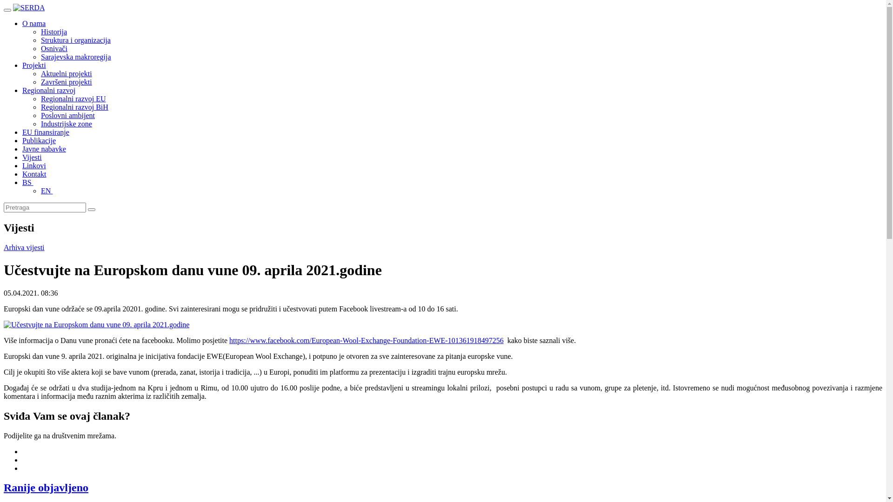  Describe the element at coordinates (22, 140) in the screenshot. I see `'Publikacije'` at that location.